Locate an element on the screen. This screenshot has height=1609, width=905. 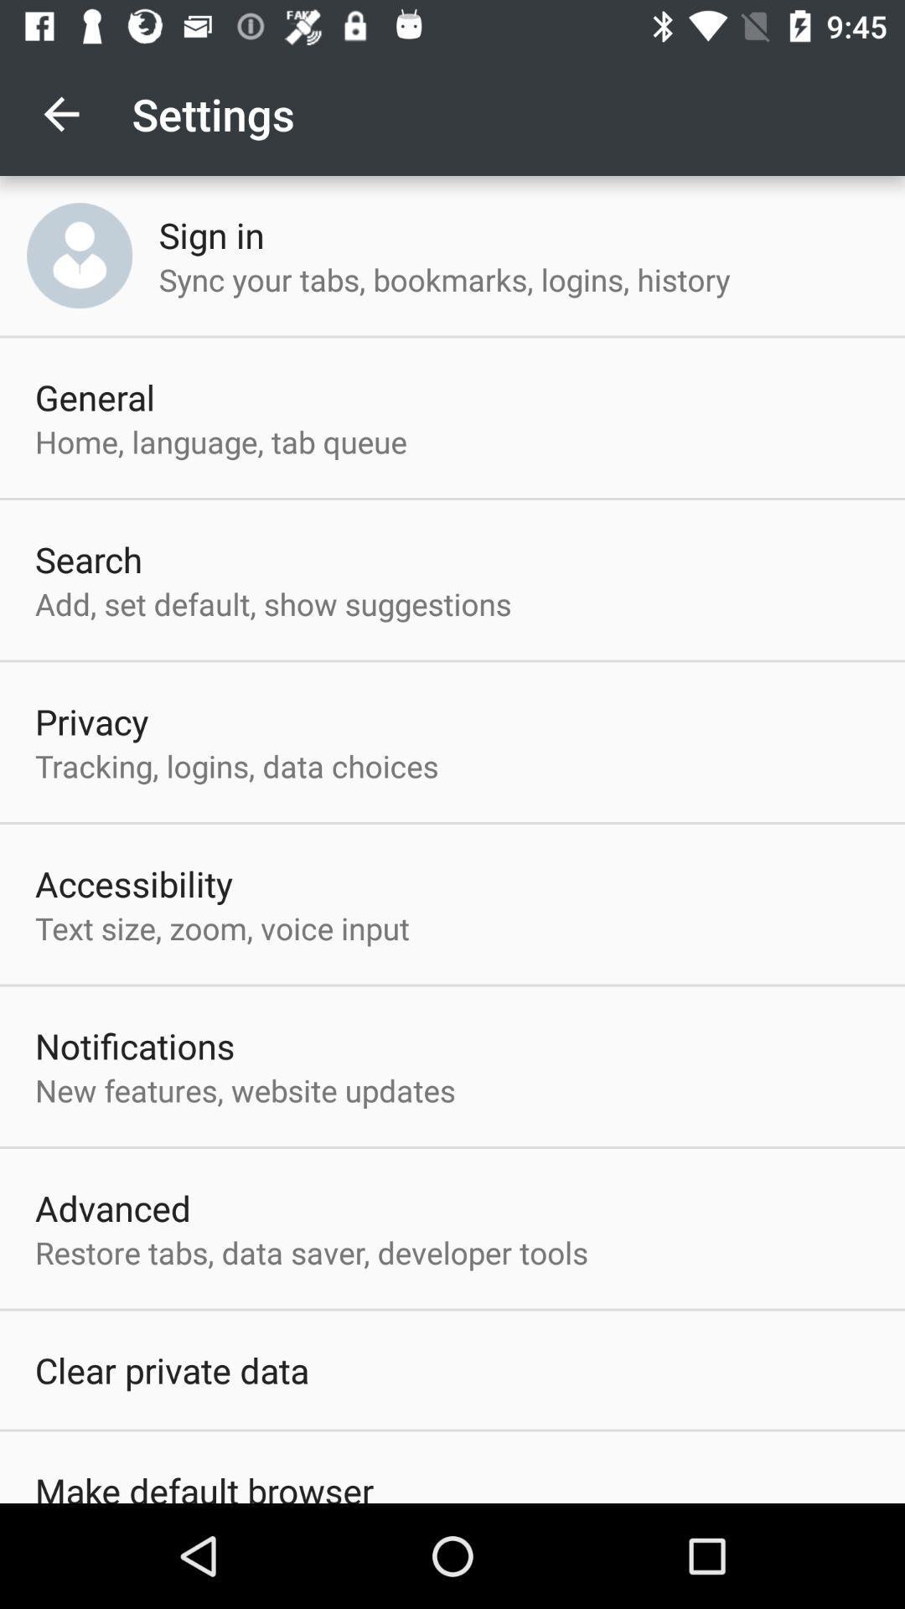
icon below the accessibility item is located at coordinates (221, 927).